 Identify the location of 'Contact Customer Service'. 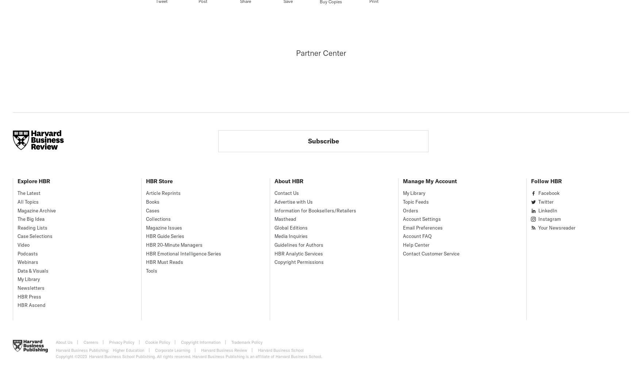
(403, 253).